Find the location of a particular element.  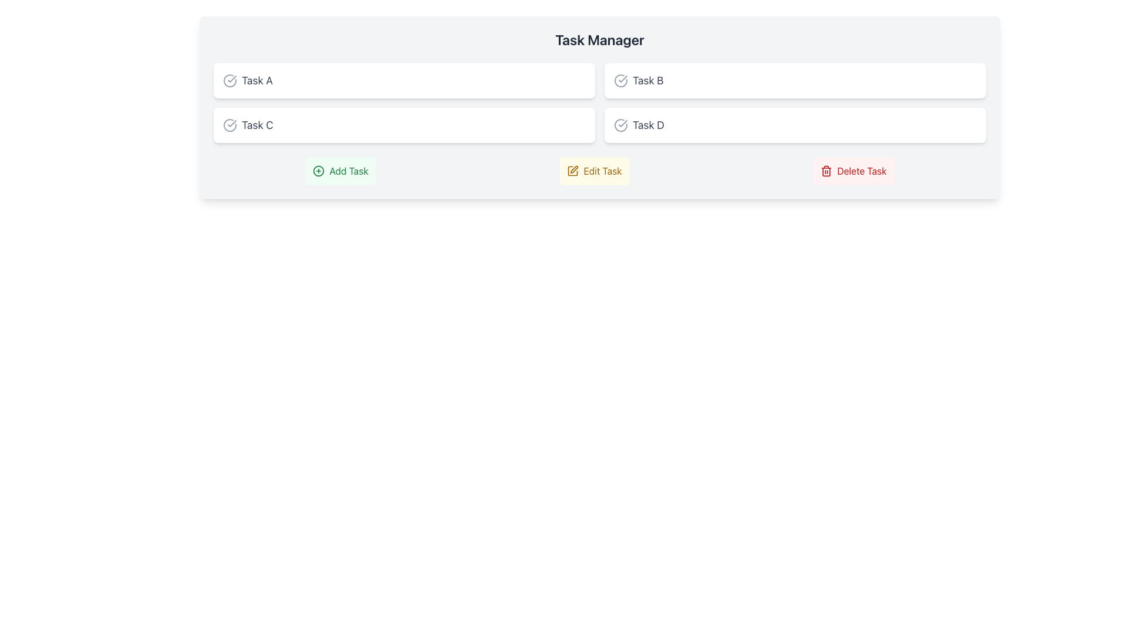

the 'Edit Task' button, which is a soft yellow button with rounded corners featuring a pencil icon and the text 'Edit Task', positioned centrally between the 'Add Task' and 'Delete Task' buttons is located at coordinates (594, 171).